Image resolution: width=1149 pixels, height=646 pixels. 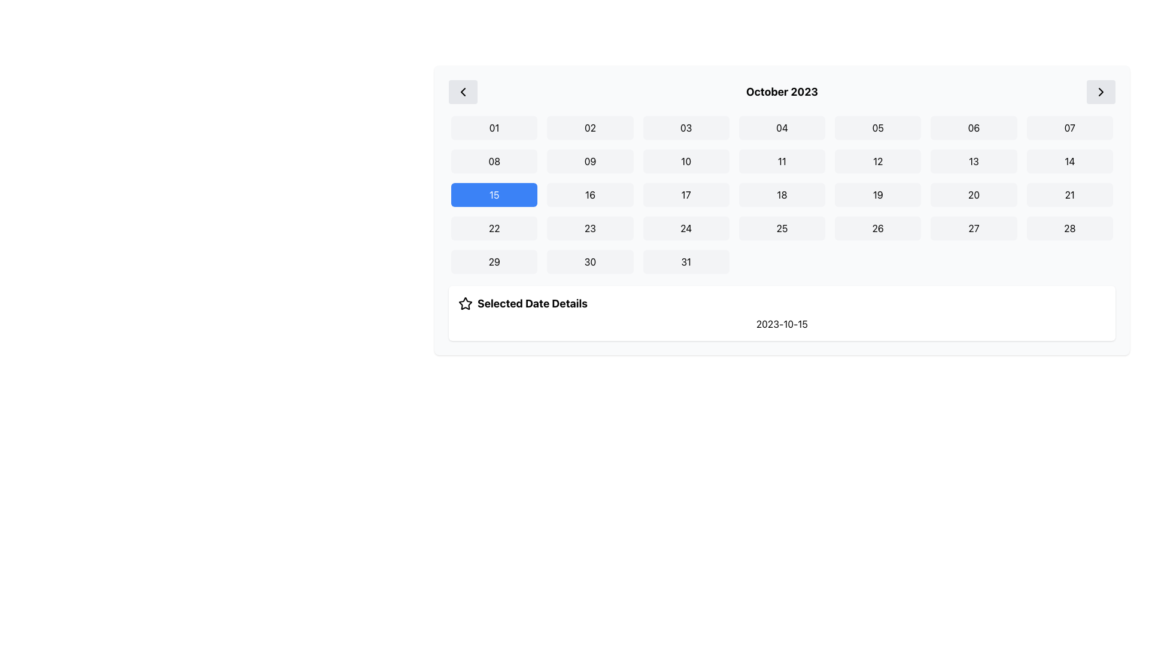 I want to click on the rightmost button in the header section, which has a light gray background and a right-pointing chevron icon, to observe any visual feedback, so click(x=1101, y=92).